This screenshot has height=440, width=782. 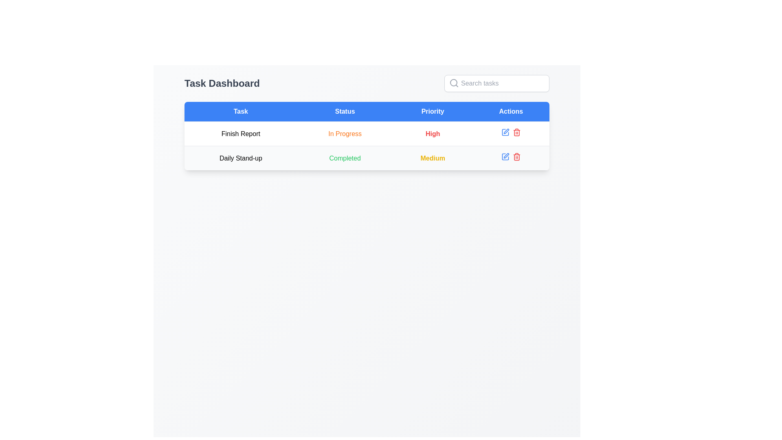 What do you see at coordinates (506, 156) in the screenshot?
I see `the 'edit' action button in the 'Actions' column of the second row (Daily Stand-up task)` at bounding box center [506, 156].